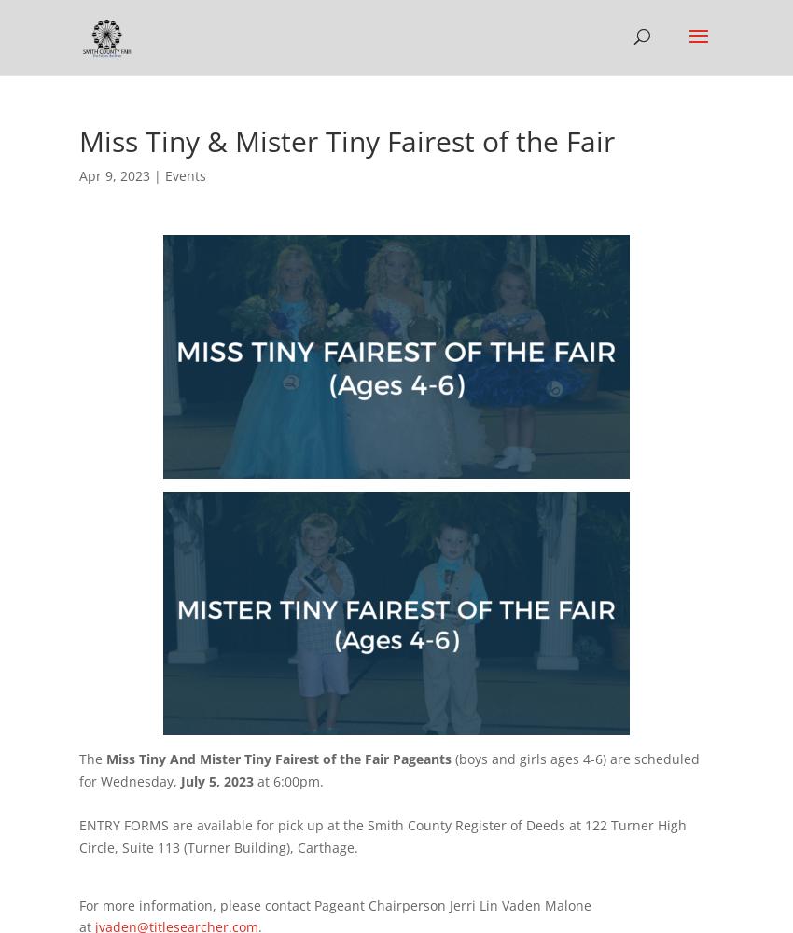  I want to click on 'Apr 9, 2023', so click(79, 175).